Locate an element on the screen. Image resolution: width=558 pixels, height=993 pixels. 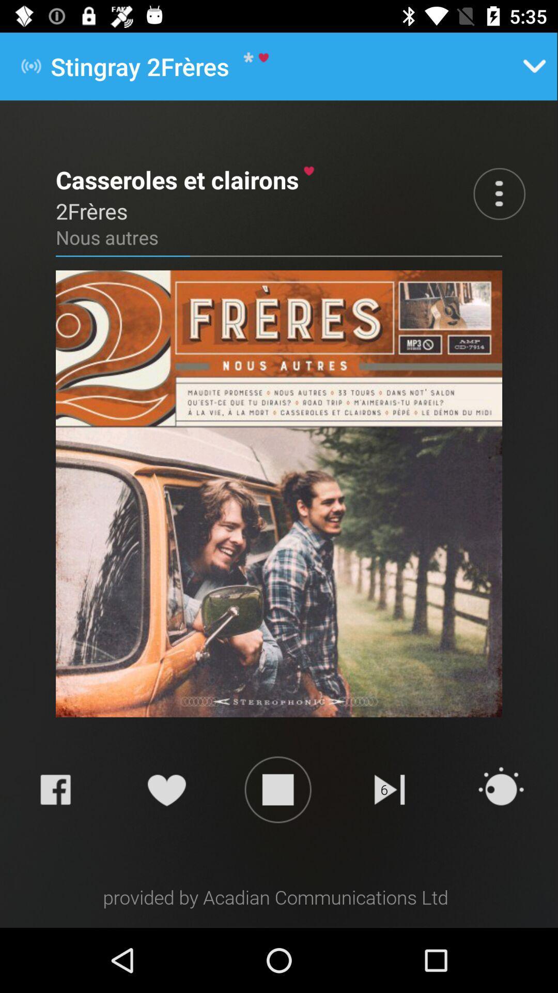
the facebook icon is located at coordinates (55, 789).